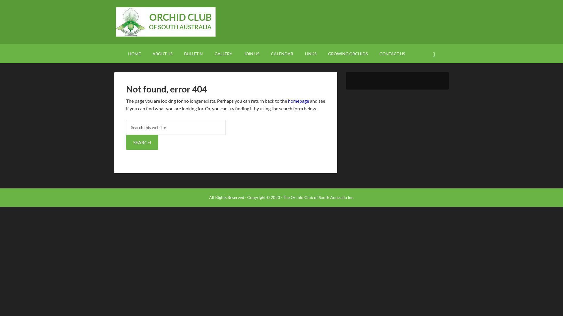  I want to click on 'JOIN US', so click(252, 53).